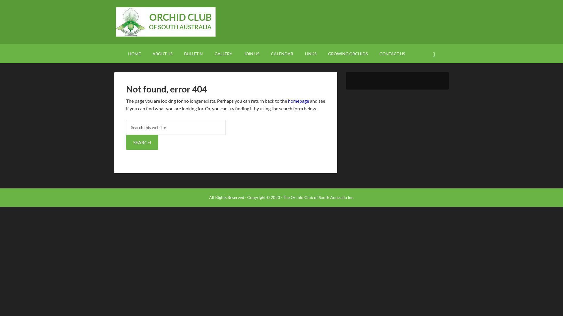  I want to click on 'JOIN US', so click(252, 53).